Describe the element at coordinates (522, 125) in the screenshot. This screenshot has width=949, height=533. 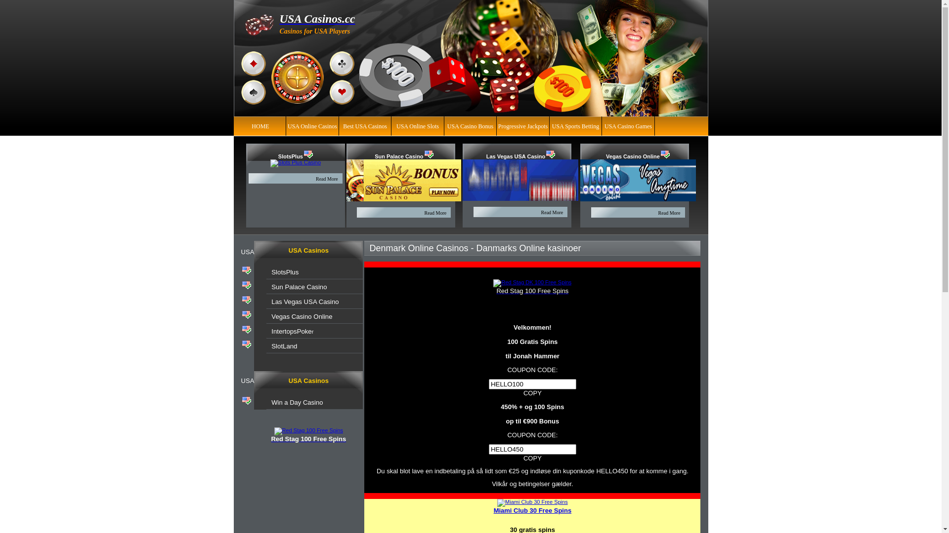
I see `'Progressive Jackpots'` at that location.